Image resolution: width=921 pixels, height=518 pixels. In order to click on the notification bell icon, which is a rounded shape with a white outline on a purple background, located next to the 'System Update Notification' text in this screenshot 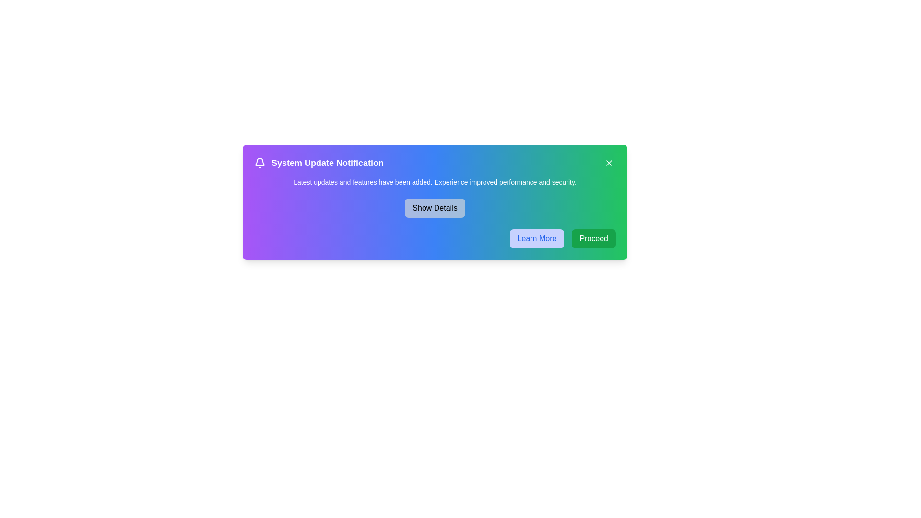, I will do `click(260, 162)`.